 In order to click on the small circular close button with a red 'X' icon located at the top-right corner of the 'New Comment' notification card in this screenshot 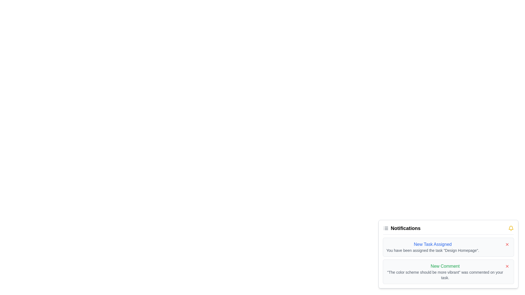, I will do `click(507, 266)`.